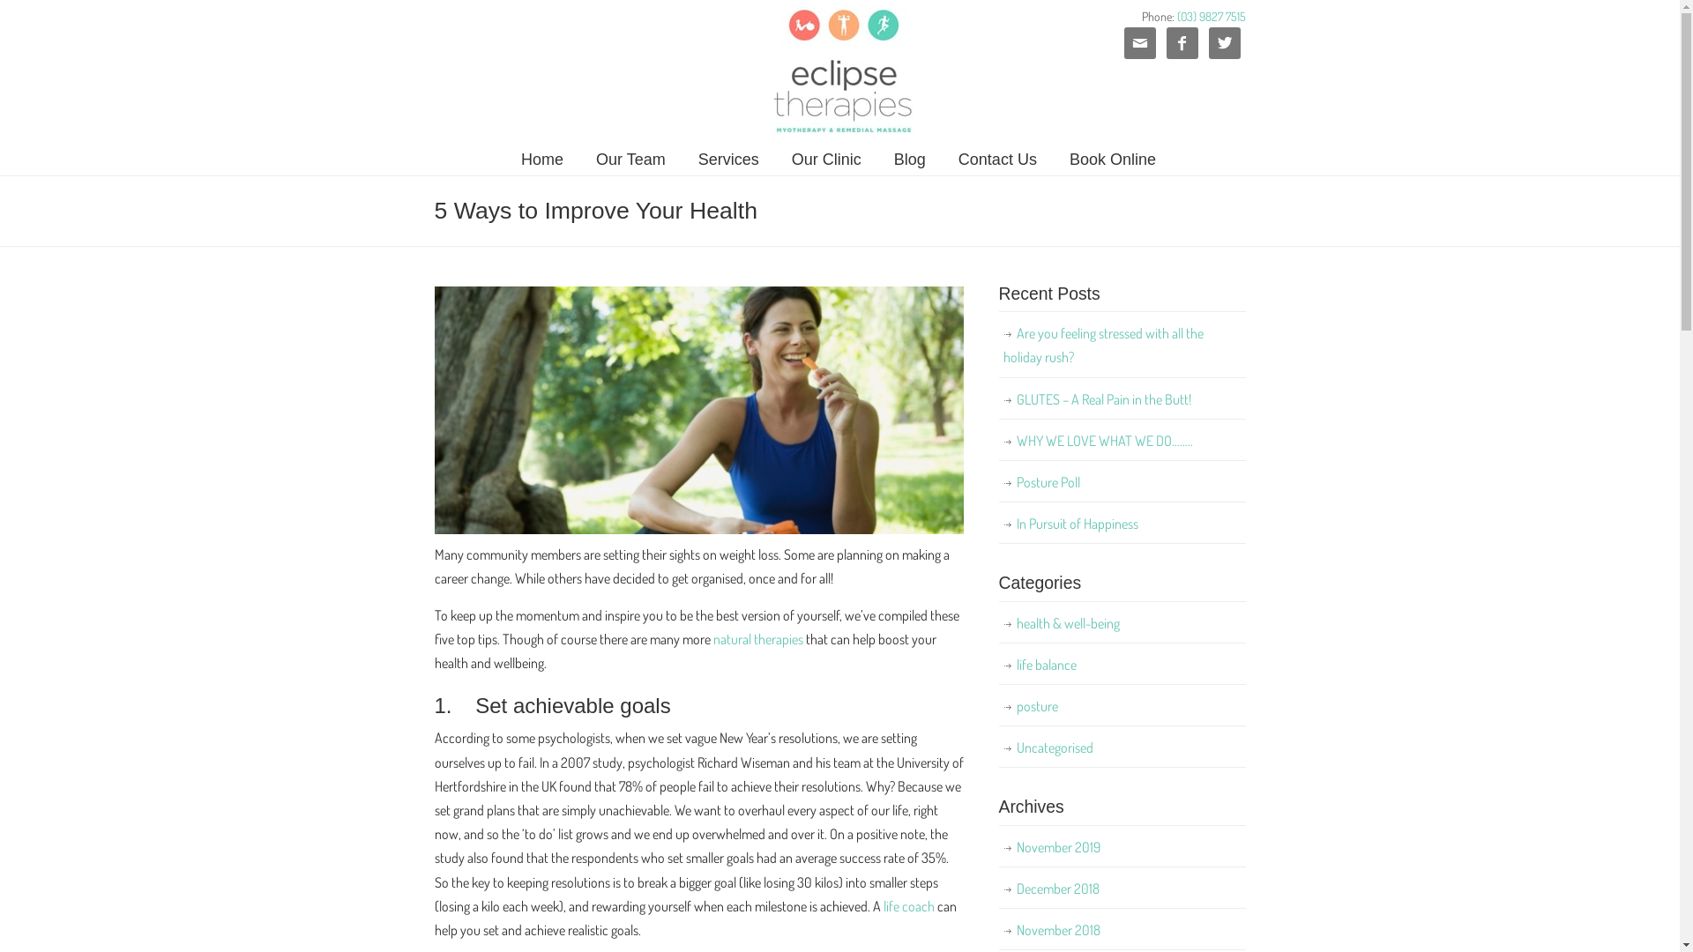 This screenshot has height=952, width=1693. I want to click on 'life coach', so click(884, 906).